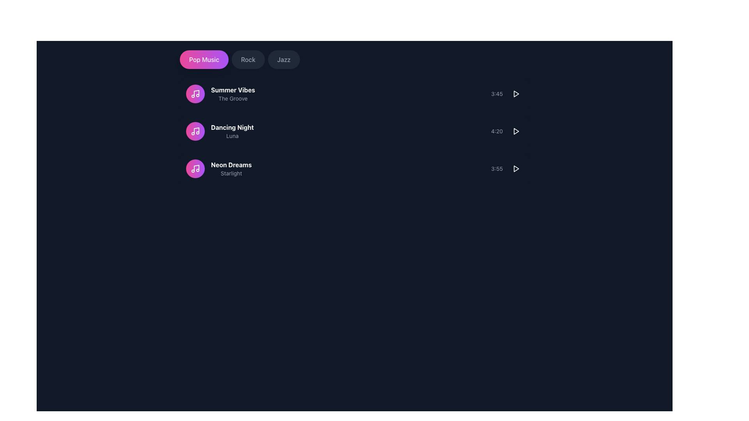  What do you see at coordinates (233, 98) in the screenshot?
I see `the text label providing additional information about the 'Summer Vibes' entry, located immediately below the 'Summer Vibes' text` at bounding box center [233, 98].